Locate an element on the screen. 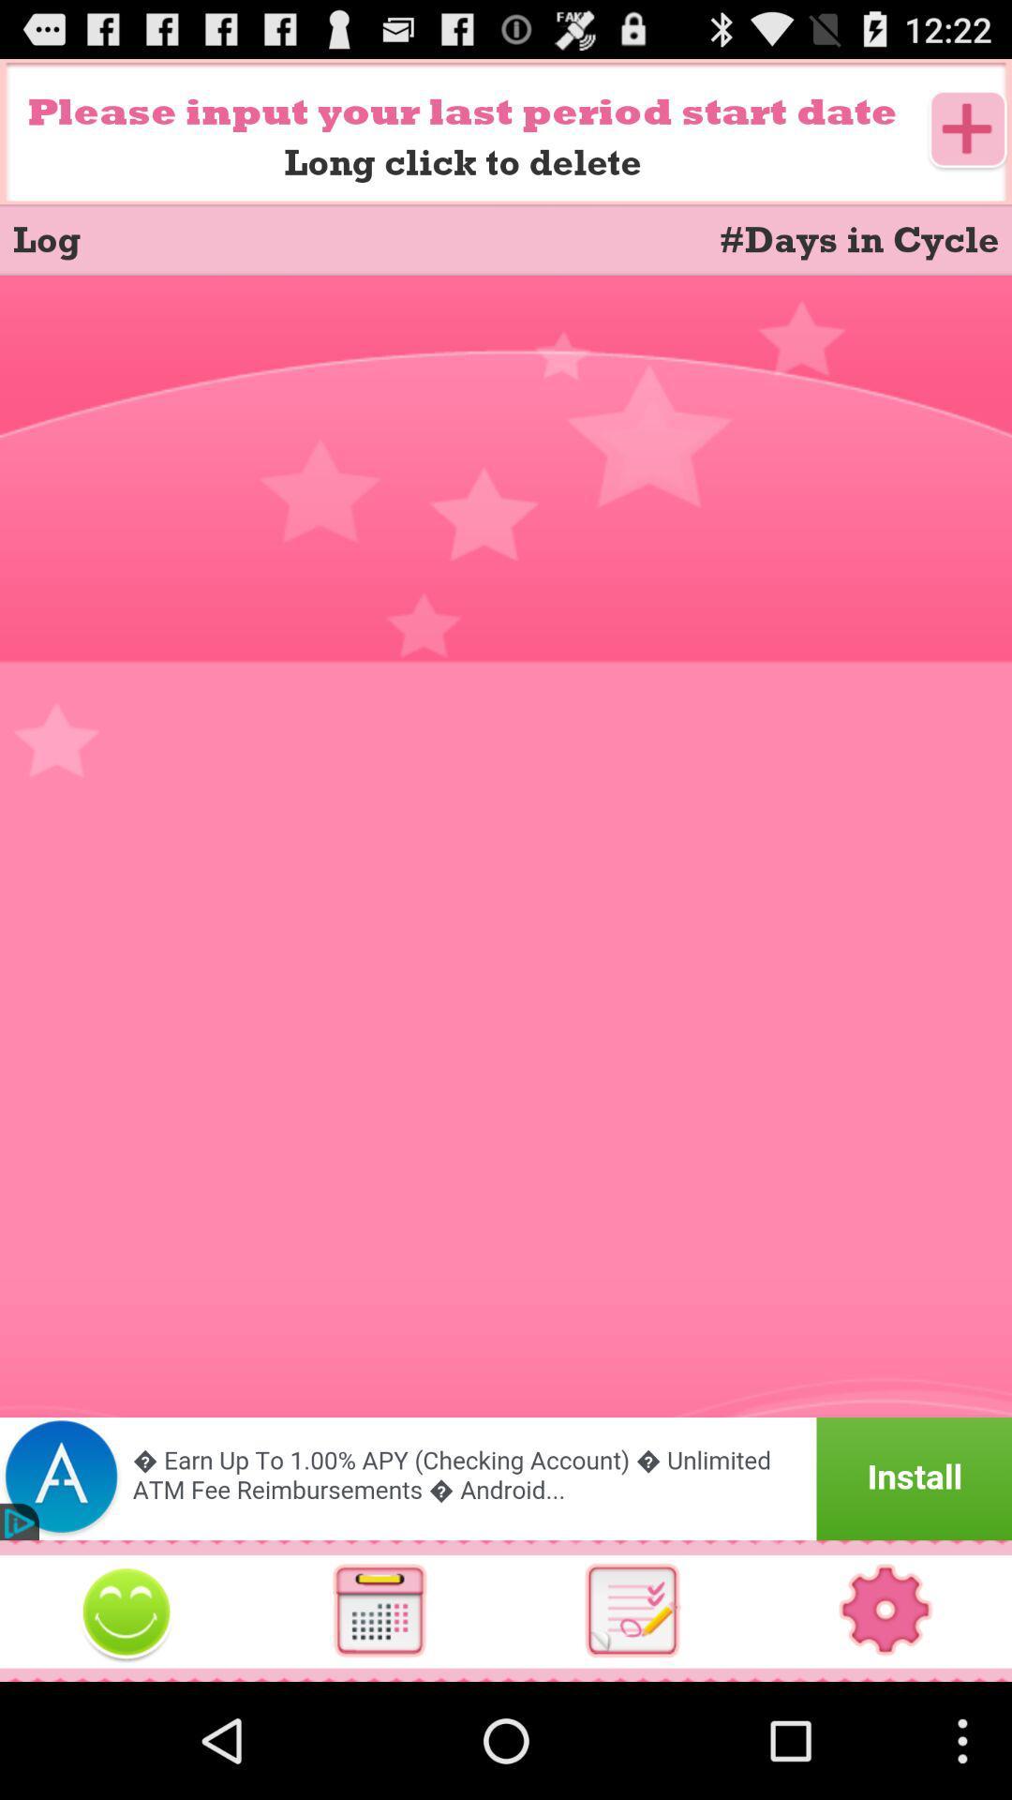 This screenshot has height=1800, width=1012. date is located at coordinates (968, 130).